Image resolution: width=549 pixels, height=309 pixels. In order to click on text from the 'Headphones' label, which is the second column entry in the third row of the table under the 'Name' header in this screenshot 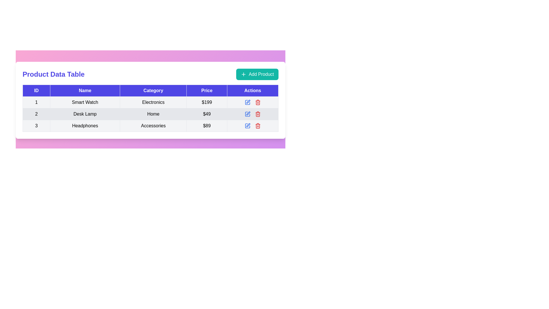, I will do `click(85, 125)`.